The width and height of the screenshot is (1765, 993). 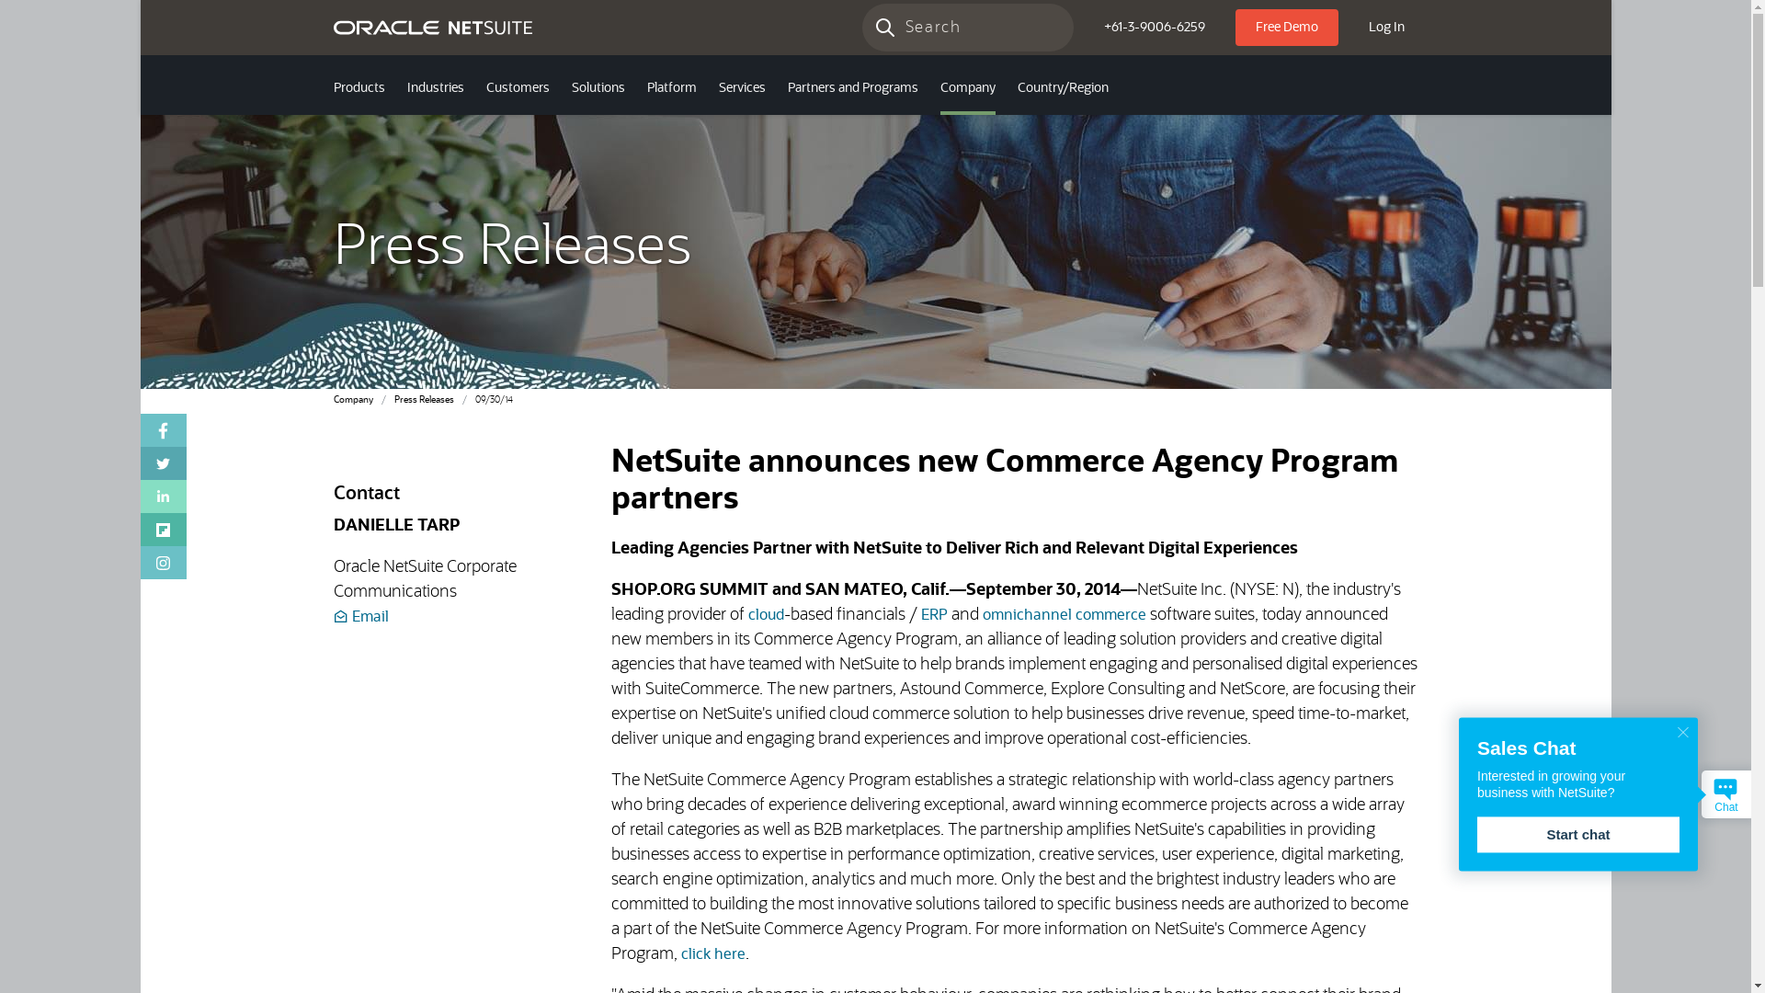 I want to click on 'click here', so click(x=712, y=953).